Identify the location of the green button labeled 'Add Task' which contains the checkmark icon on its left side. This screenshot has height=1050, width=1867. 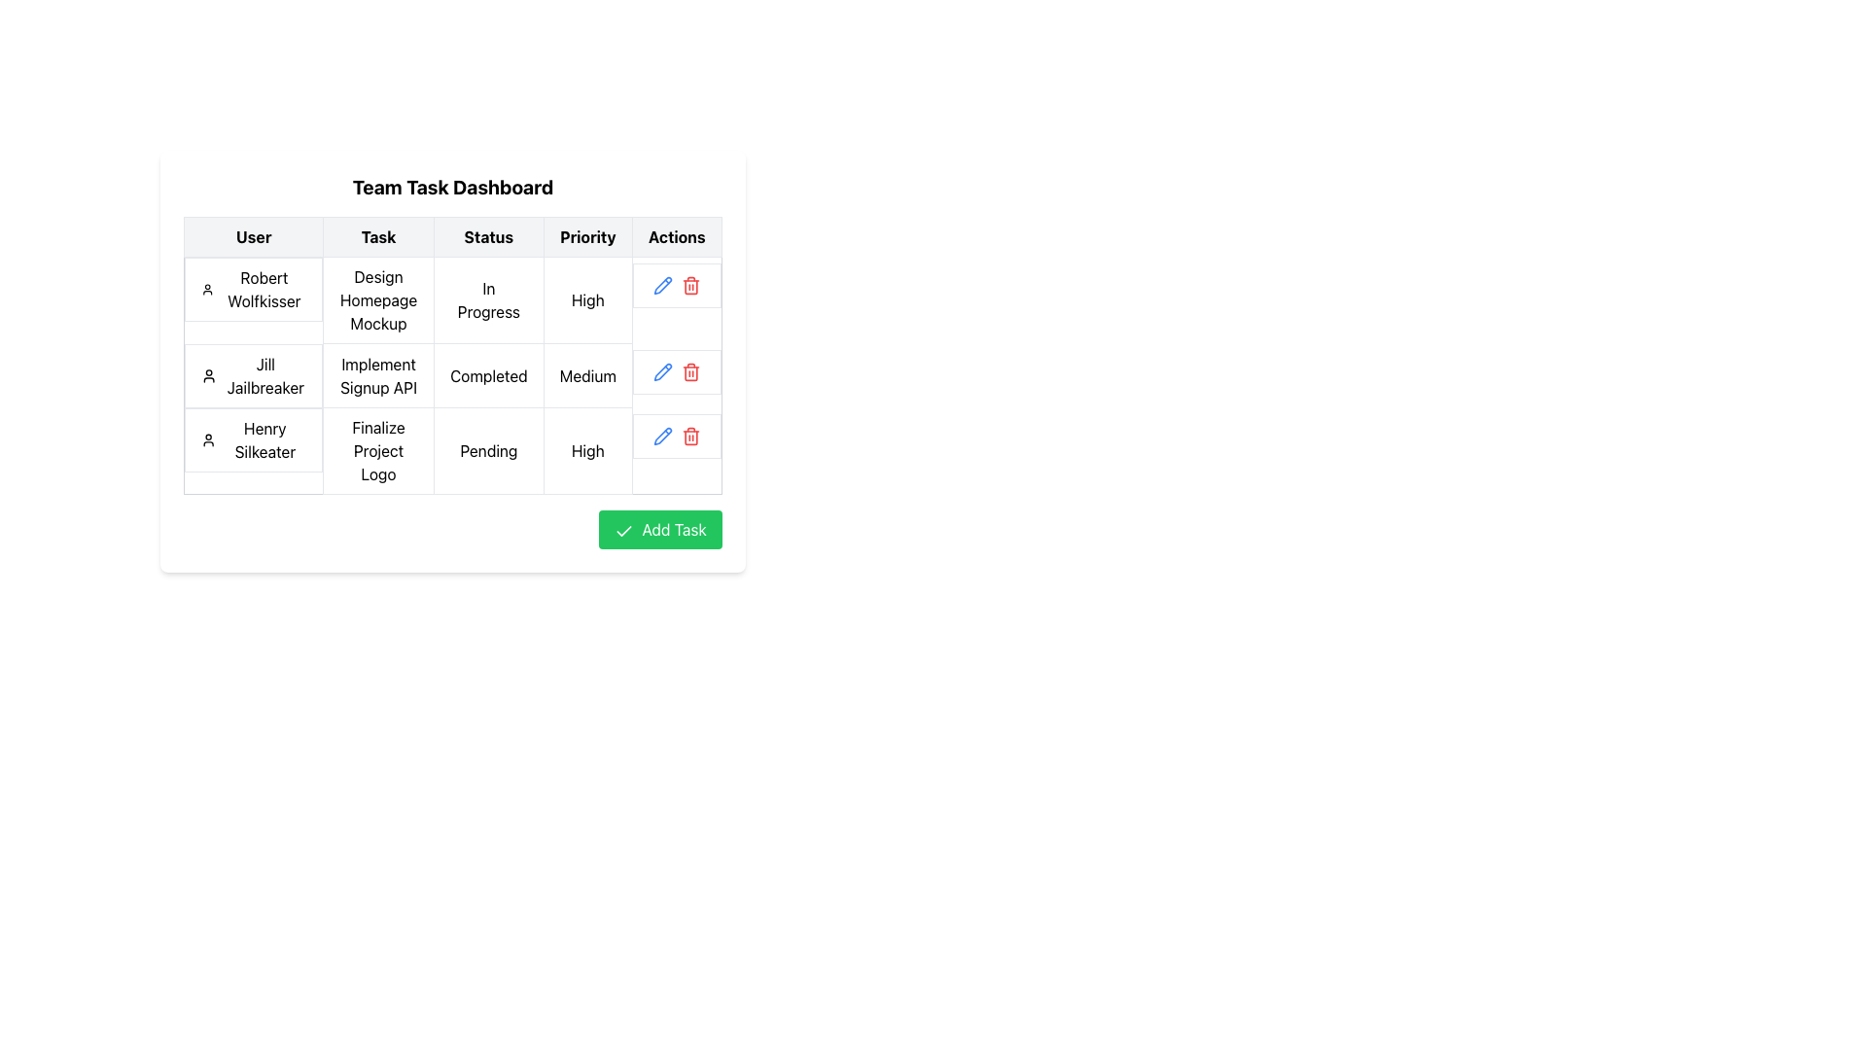
(624, 531).